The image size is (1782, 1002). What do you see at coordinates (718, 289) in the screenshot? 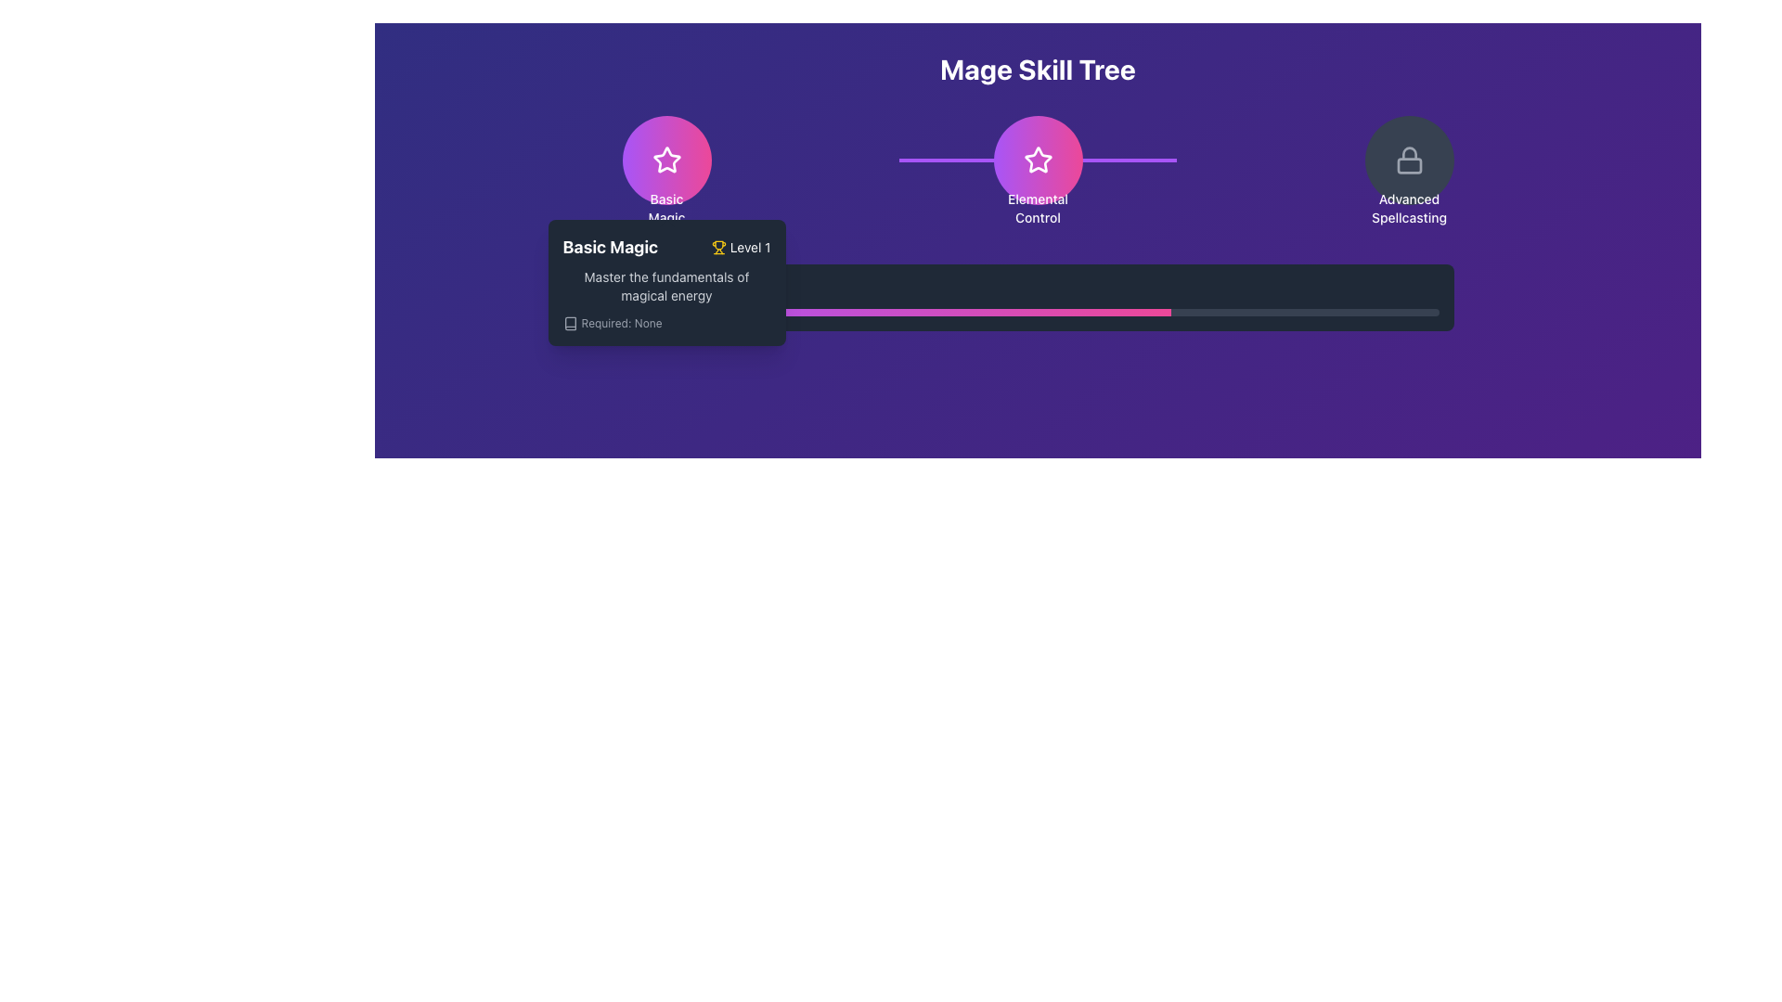
I see `text content of the descriptive label positioned horizontally centered next to the icon` at bounding box center [718, 289].